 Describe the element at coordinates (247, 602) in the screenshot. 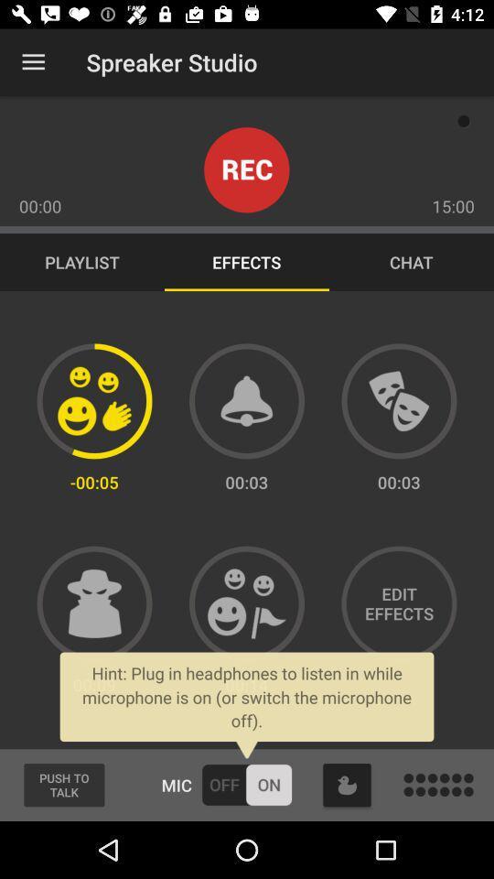

I see `laughter and cheering` at that location.